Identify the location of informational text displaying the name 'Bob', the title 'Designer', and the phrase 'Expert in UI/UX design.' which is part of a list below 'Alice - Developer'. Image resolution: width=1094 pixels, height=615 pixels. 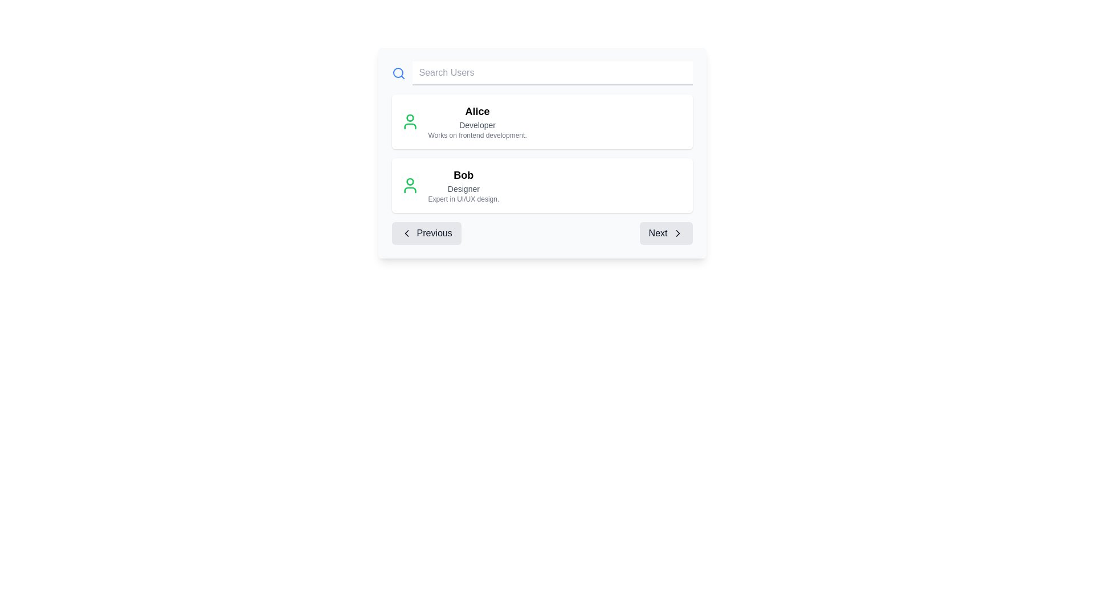
(463, 185).